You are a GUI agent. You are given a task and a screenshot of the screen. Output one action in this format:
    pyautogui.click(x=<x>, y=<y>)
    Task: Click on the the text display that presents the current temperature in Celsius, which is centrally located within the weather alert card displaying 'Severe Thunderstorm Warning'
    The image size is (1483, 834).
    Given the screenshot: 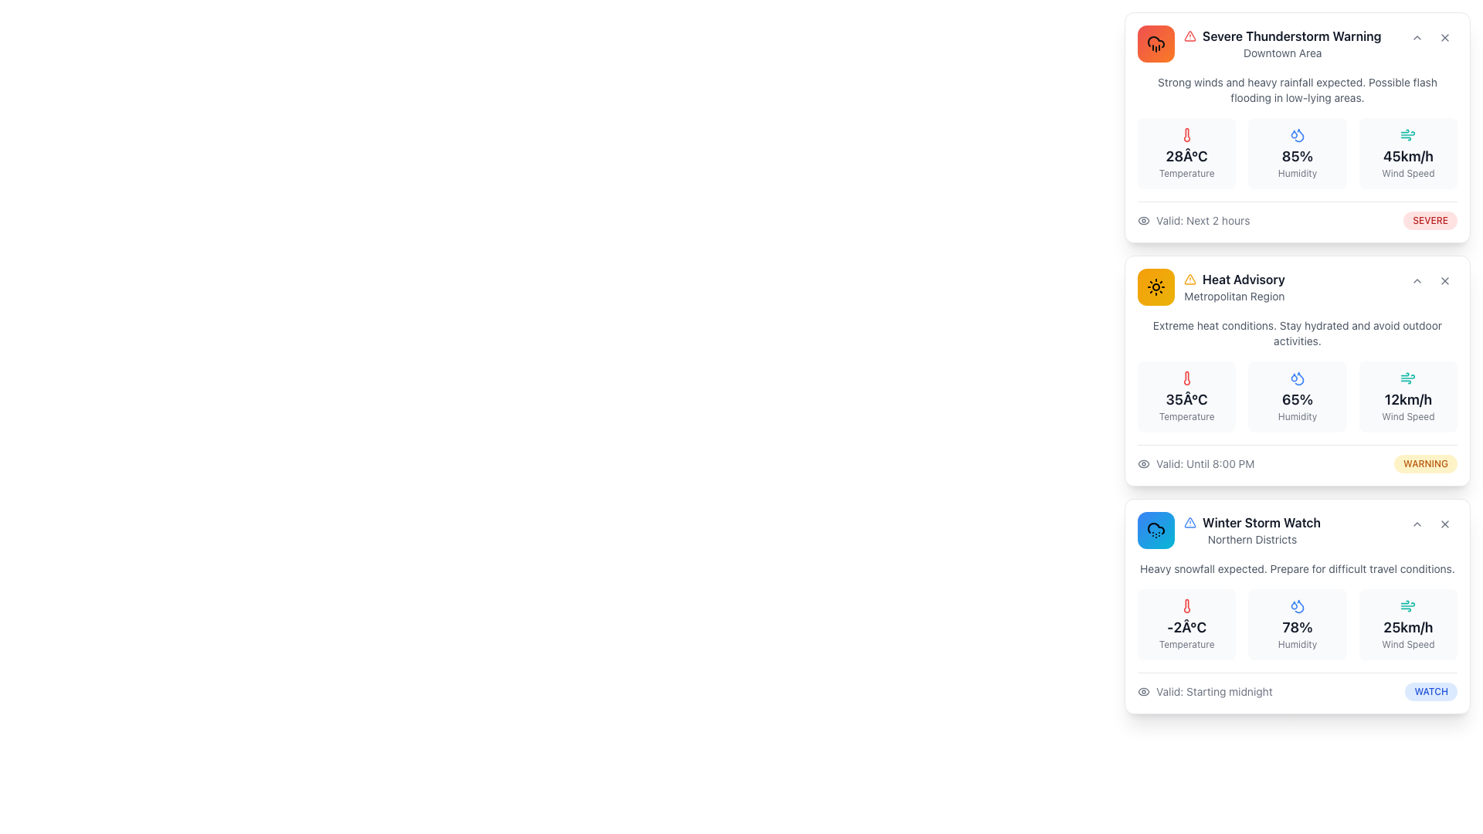 What is the action you would take?
    pyautogui.click(x=1186, y=157)
    